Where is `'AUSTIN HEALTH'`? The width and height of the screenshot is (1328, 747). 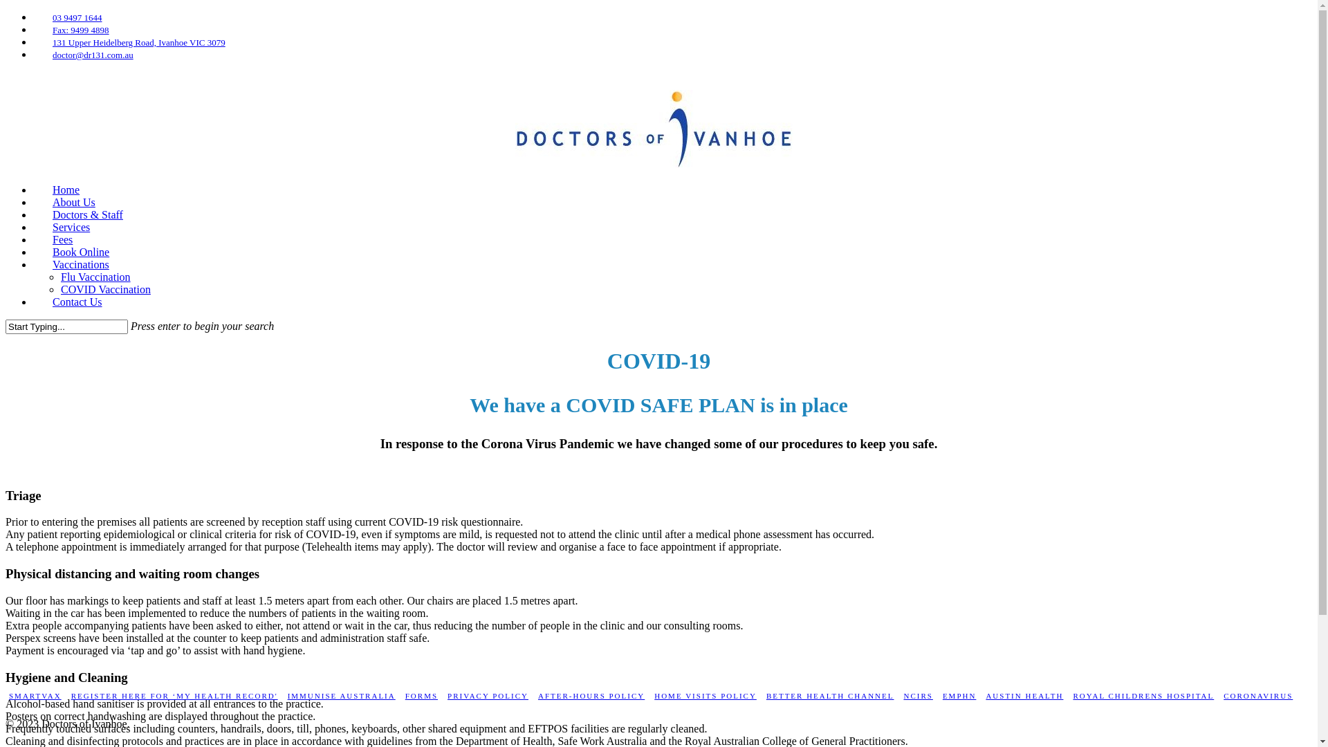 'AUSTIN HEALTH' is located at coordinates (1024, 696).